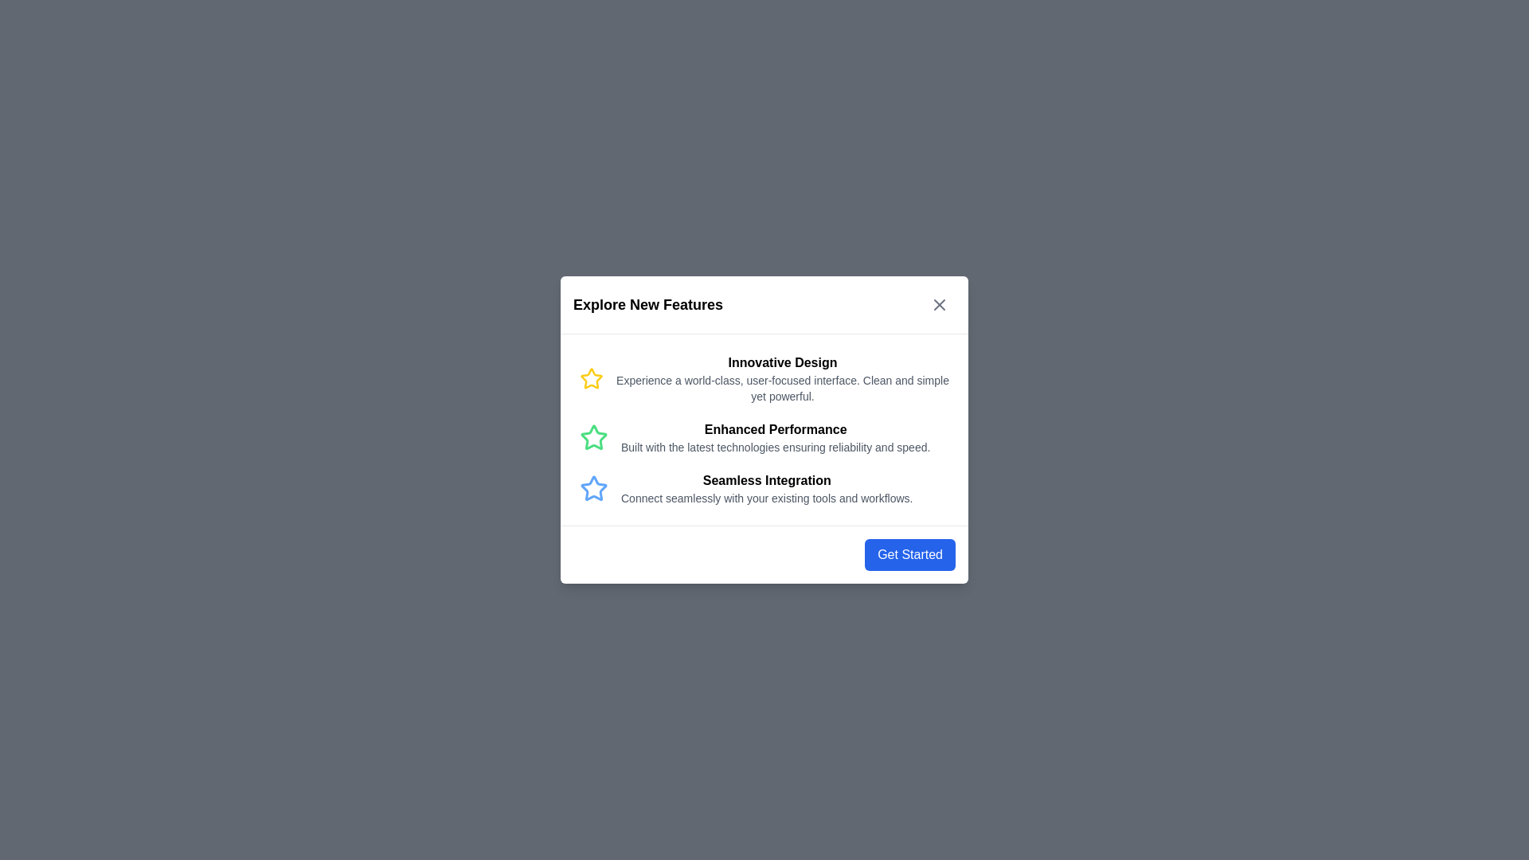 This screenshot has width=1529, height=860. I want to click on textual description block labeled 'Seamless Integration' which contains the heading and subtext aligned to the left, located in the modal titled 'Explore New Features', so click(767, 487).